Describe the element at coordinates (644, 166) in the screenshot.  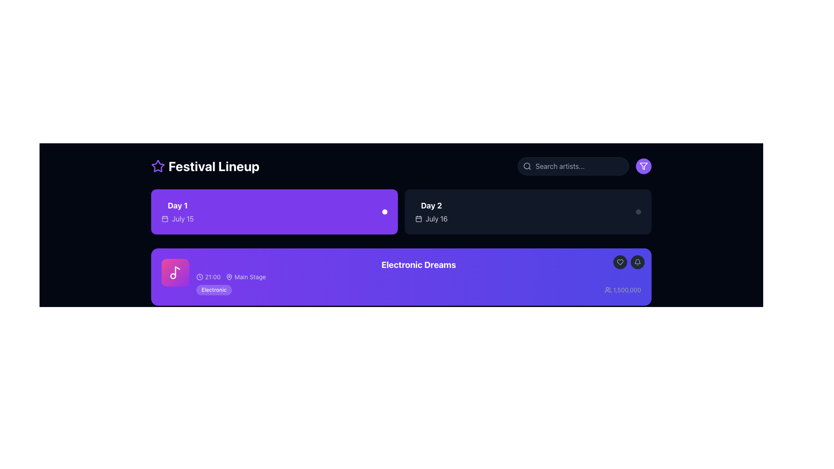
I see `the filter icon button located in the top-right corner of the interface, which is enclosed within a violet circular background` at that location.